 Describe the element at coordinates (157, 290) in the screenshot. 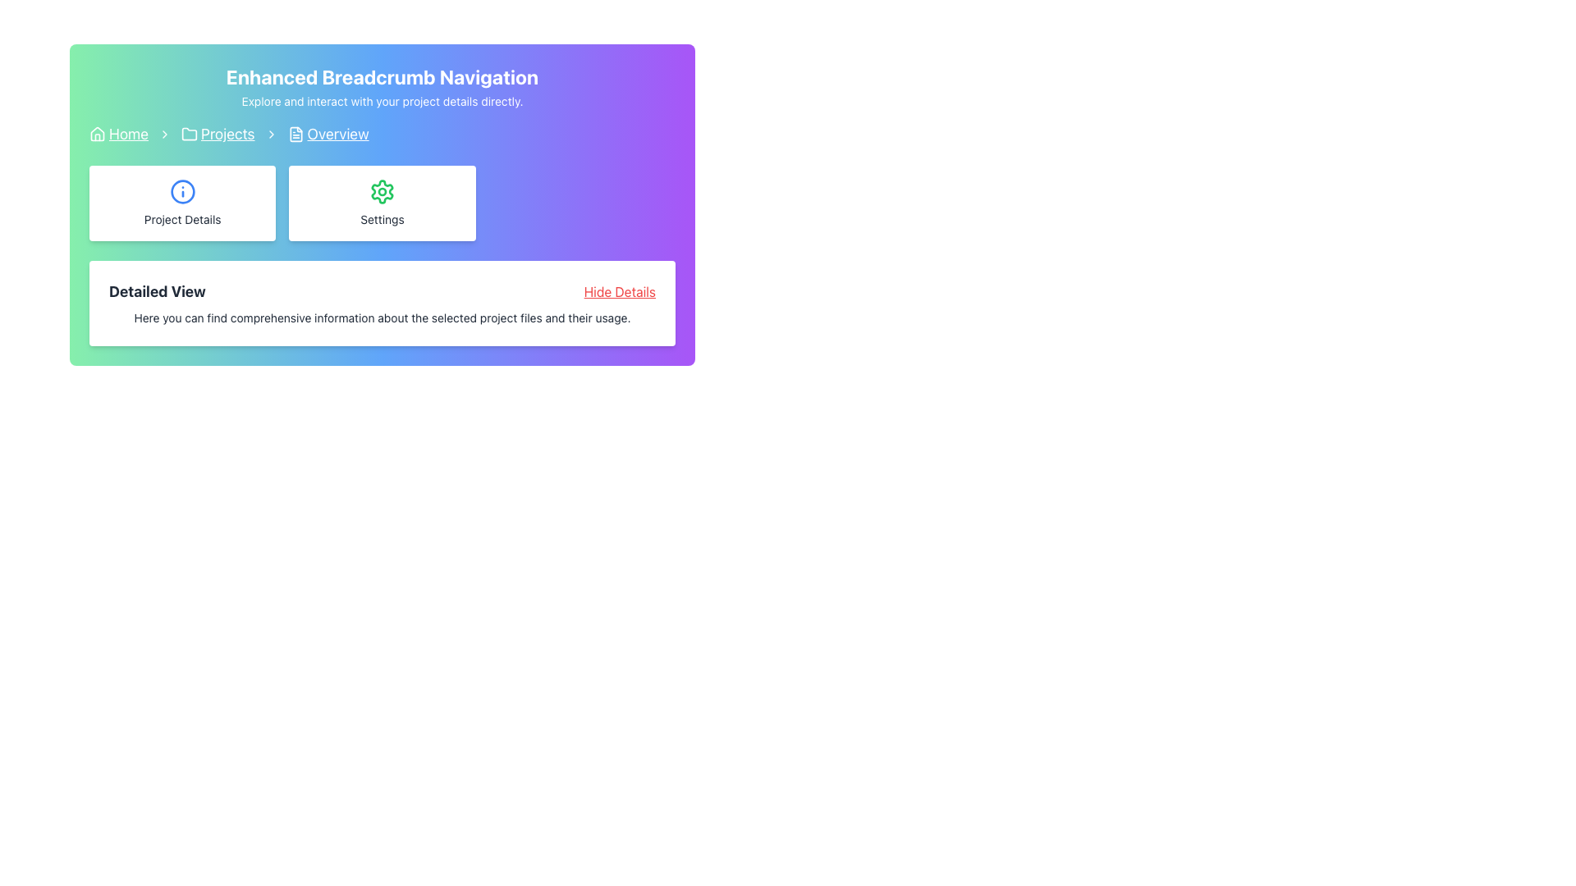

I see `the bold, large-sized text label reading 'Detailed View', which is prominently displayed in black font against a white background, indicating its significance within the interface` at that location.